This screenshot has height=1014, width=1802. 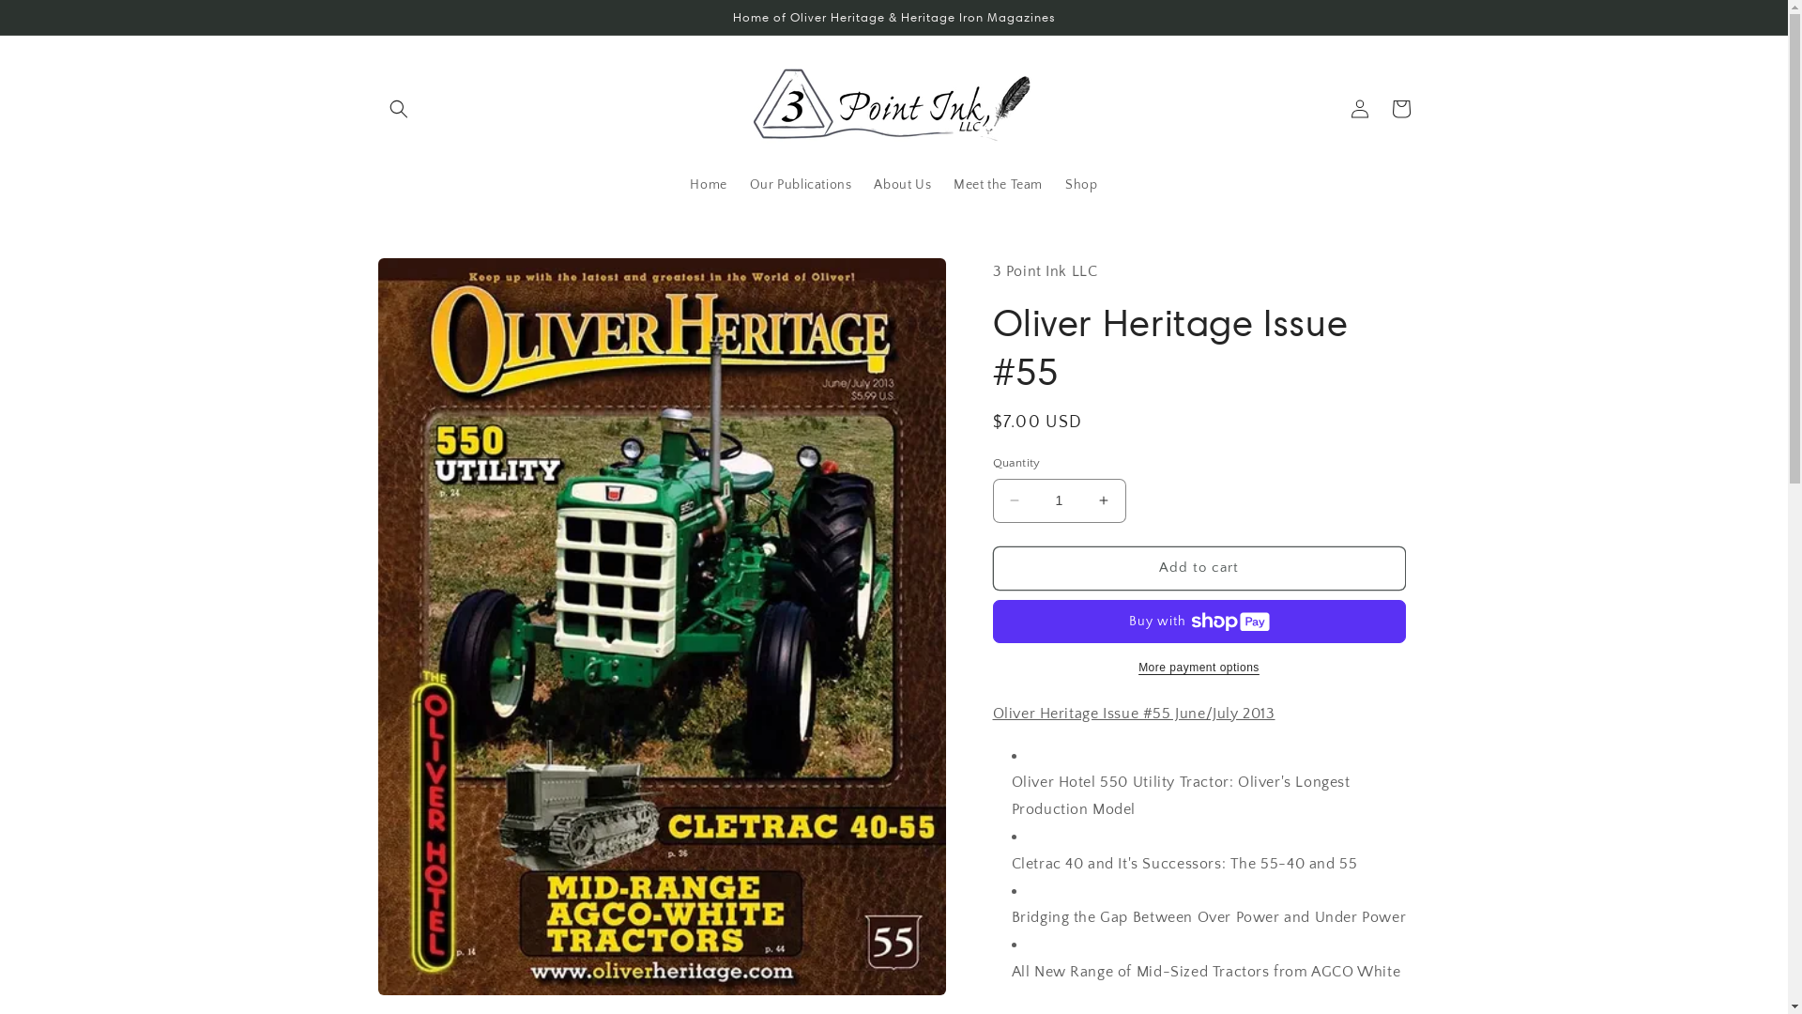 I want to click on 'Cart', so click(x=1379, y=108).